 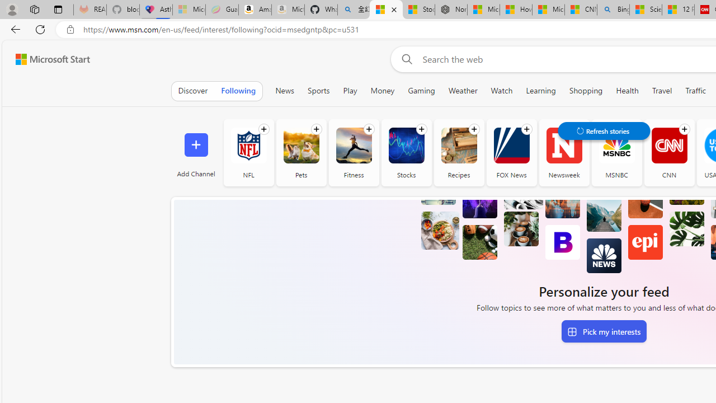 What do you see at coordinates (511, 152) in the screenshot?
I see `'FOX News'` at bounding box center [511, 152].